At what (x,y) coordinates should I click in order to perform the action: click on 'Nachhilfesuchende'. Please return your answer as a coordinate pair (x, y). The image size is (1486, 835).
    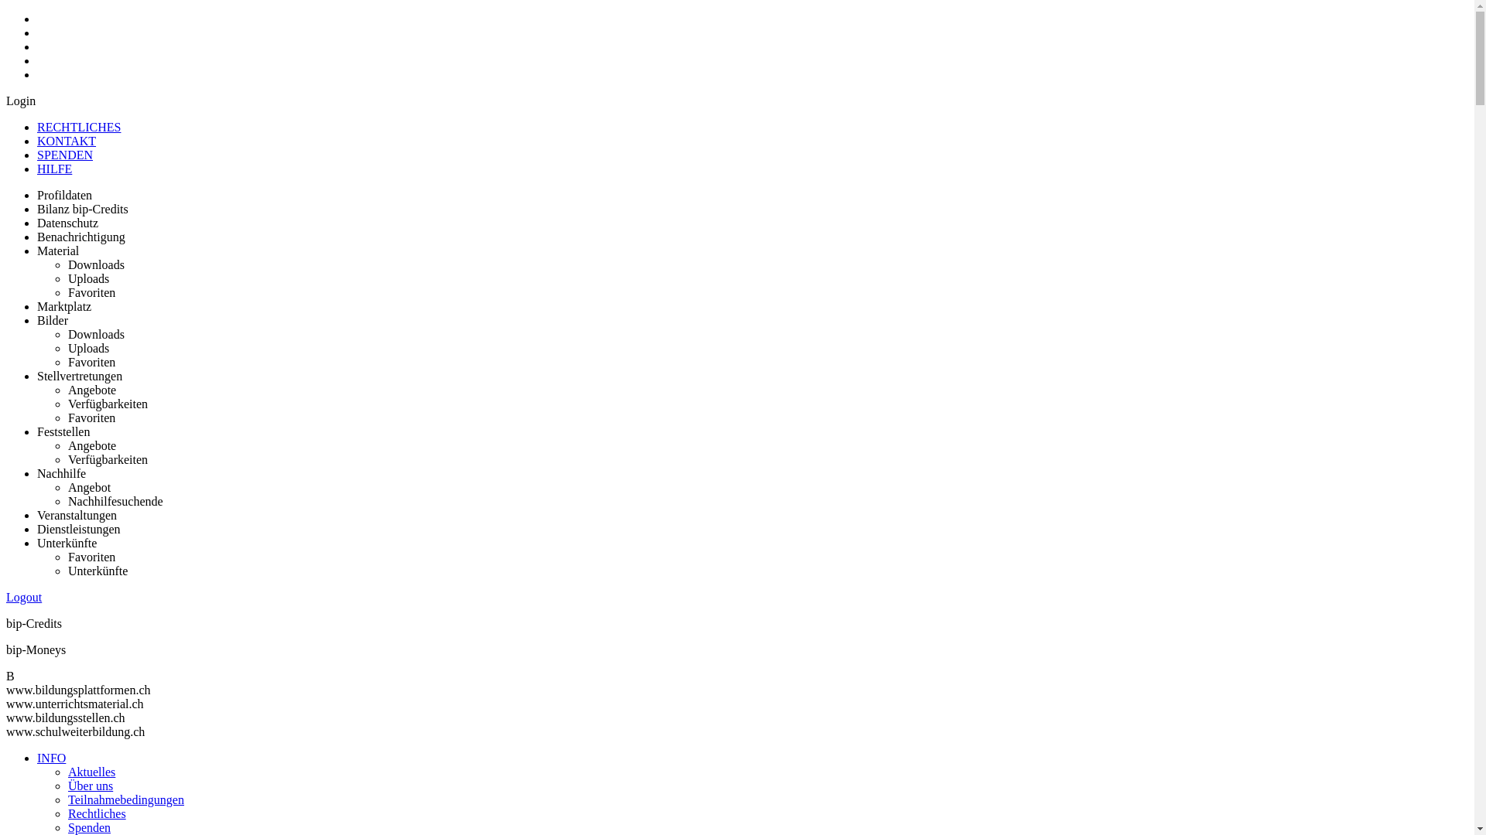
    Looking at the image, I should click on (67, 501).